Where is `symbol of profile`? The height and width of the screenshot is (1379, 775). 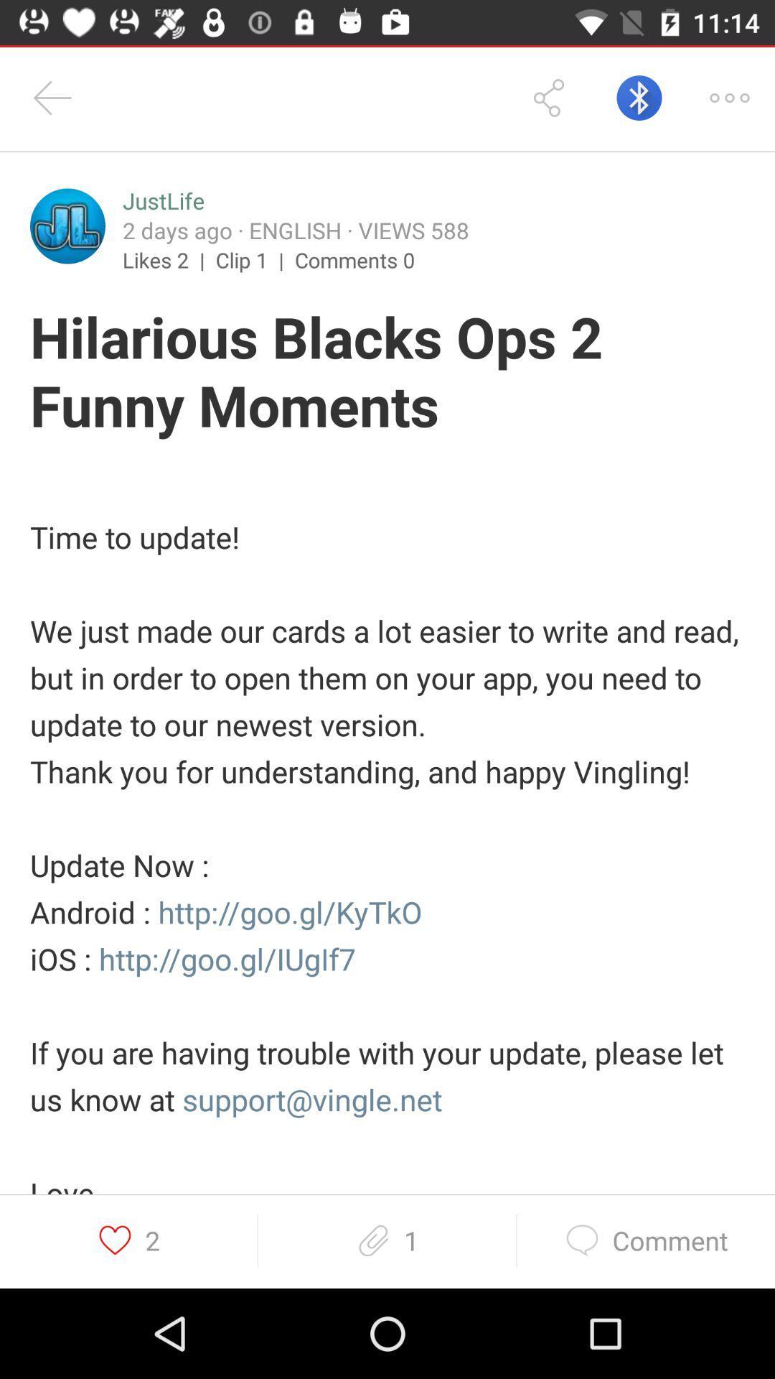 symbol of profile is located at coordinates (67, 226).